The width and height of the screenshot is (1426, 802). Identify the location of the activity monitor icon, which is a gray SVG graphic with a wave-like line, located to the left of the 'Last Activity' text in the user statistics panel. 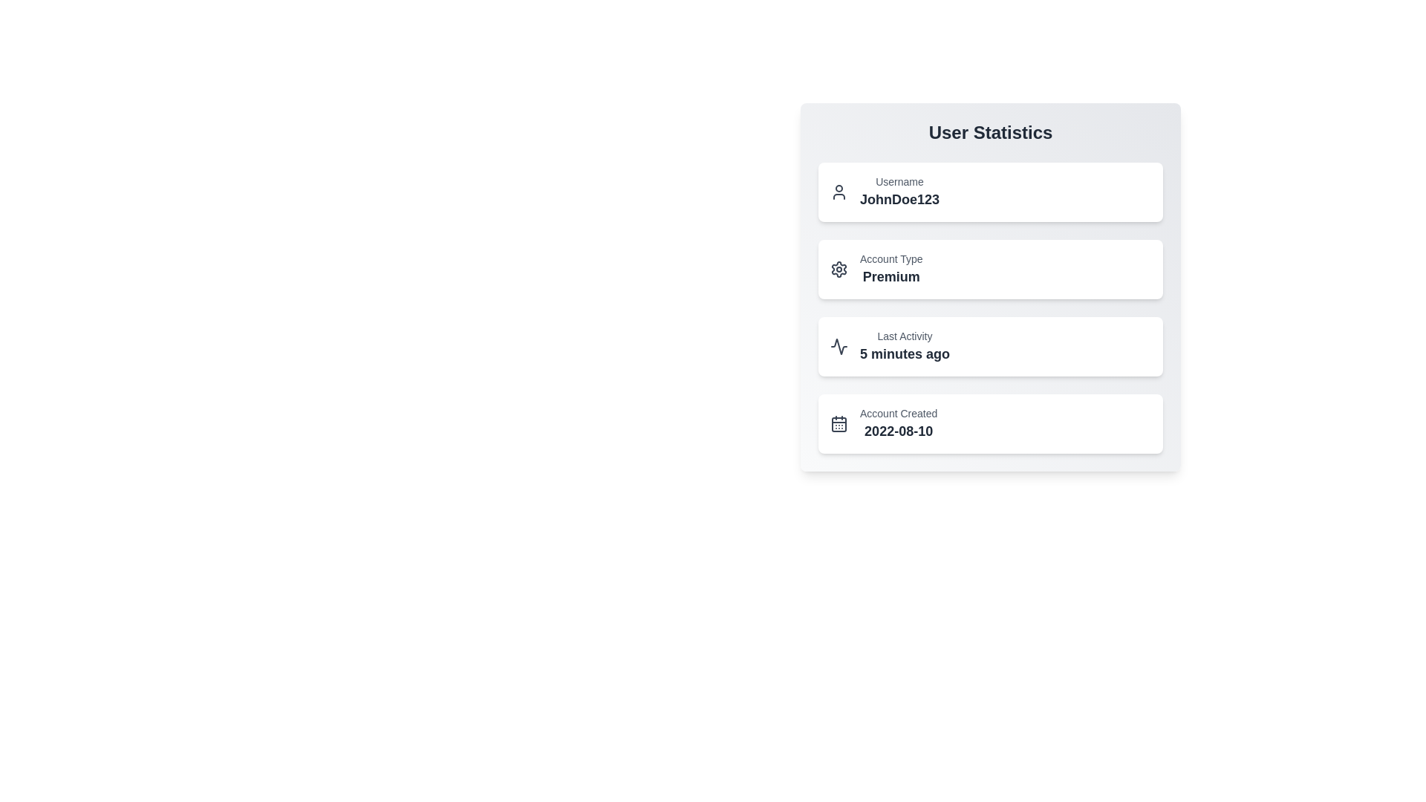
(839, 346).